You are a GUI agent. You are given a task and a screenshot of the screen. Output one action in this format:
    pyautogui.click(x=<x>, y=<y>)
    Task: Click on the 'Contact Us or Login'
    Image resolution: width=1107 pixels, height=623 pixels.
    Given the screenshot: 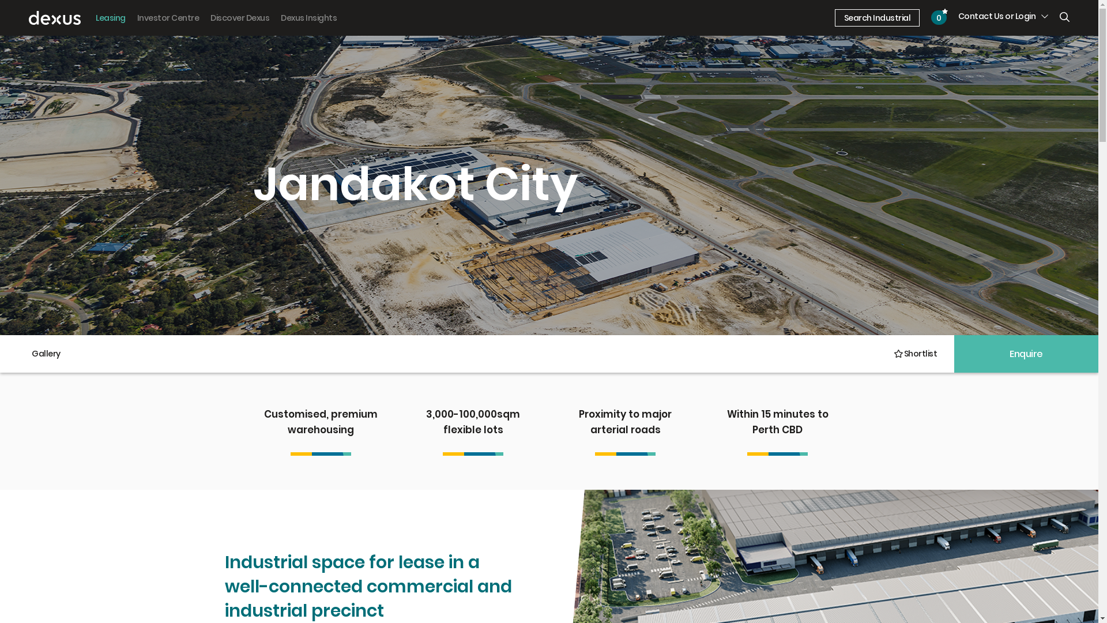 What is the action you would take?
    pyautogui.click(x=1003, y=16)
    